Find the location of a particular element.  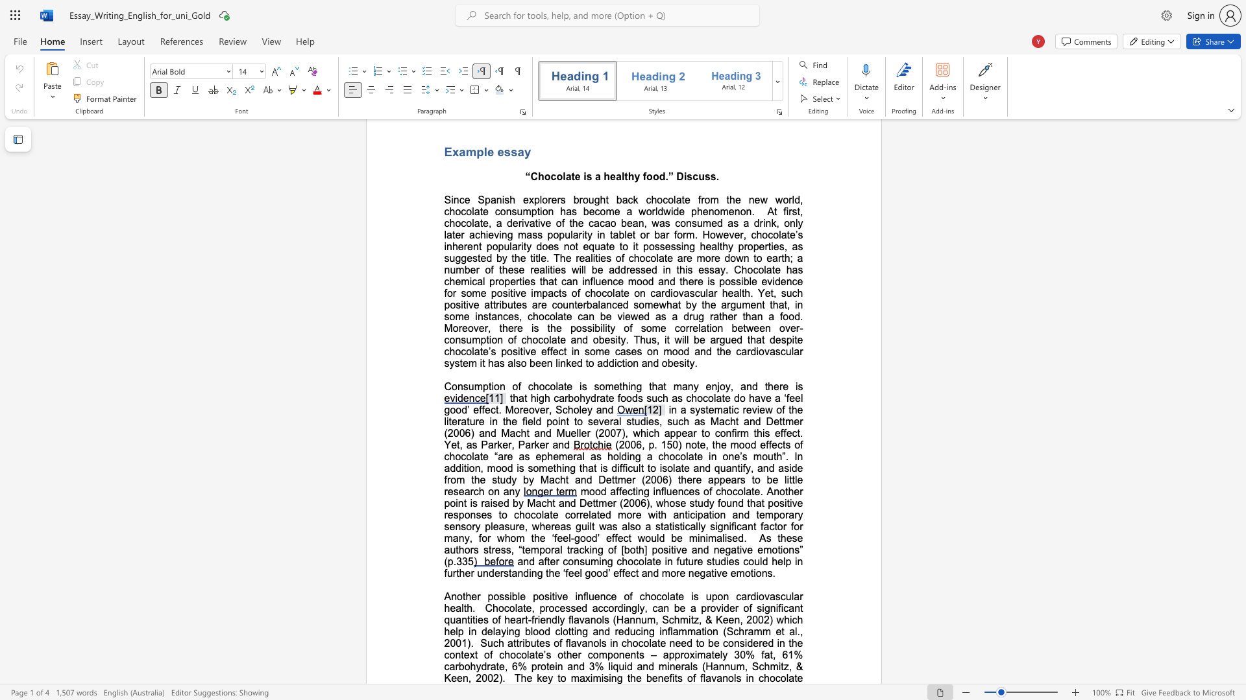

the subset text "ents – approximately 30% fat, 61% carbohydrate, 6% protein and 3% liquid and minerals (Hannum, Schmitz, & Kee" within the text "Such attributes of flavanols in chocolate need to be considered in the context of chocolate’s other components – approximately 30% fat, 61% carbohydrate, 6% protein and 3% liquid and minerals (Hannum, Schmitz, & Keen, 2002)" is located at coordinates (624, 655).